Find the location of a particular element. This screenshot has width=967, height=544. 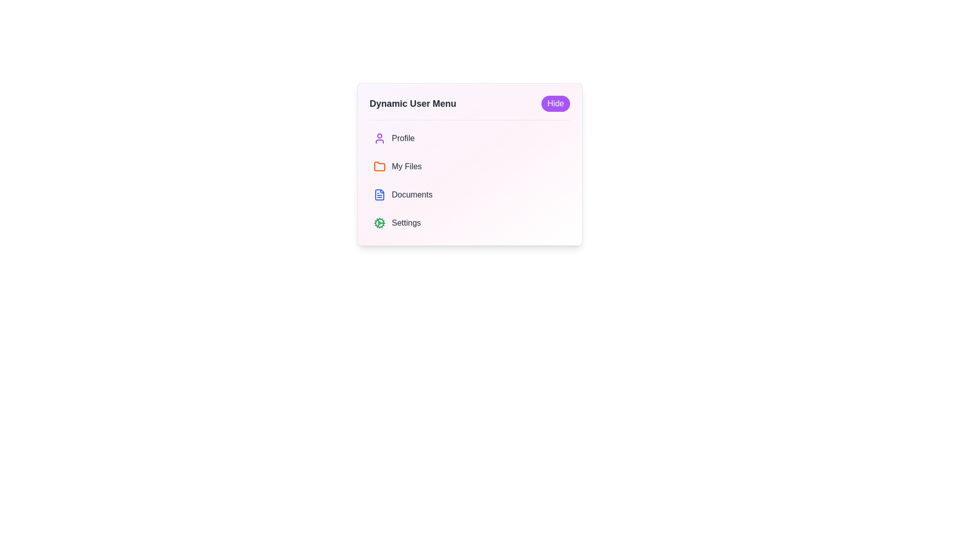

the folder icon located beside the 'My Files' text label in the vertical menu is located at coordinates (379, 166).